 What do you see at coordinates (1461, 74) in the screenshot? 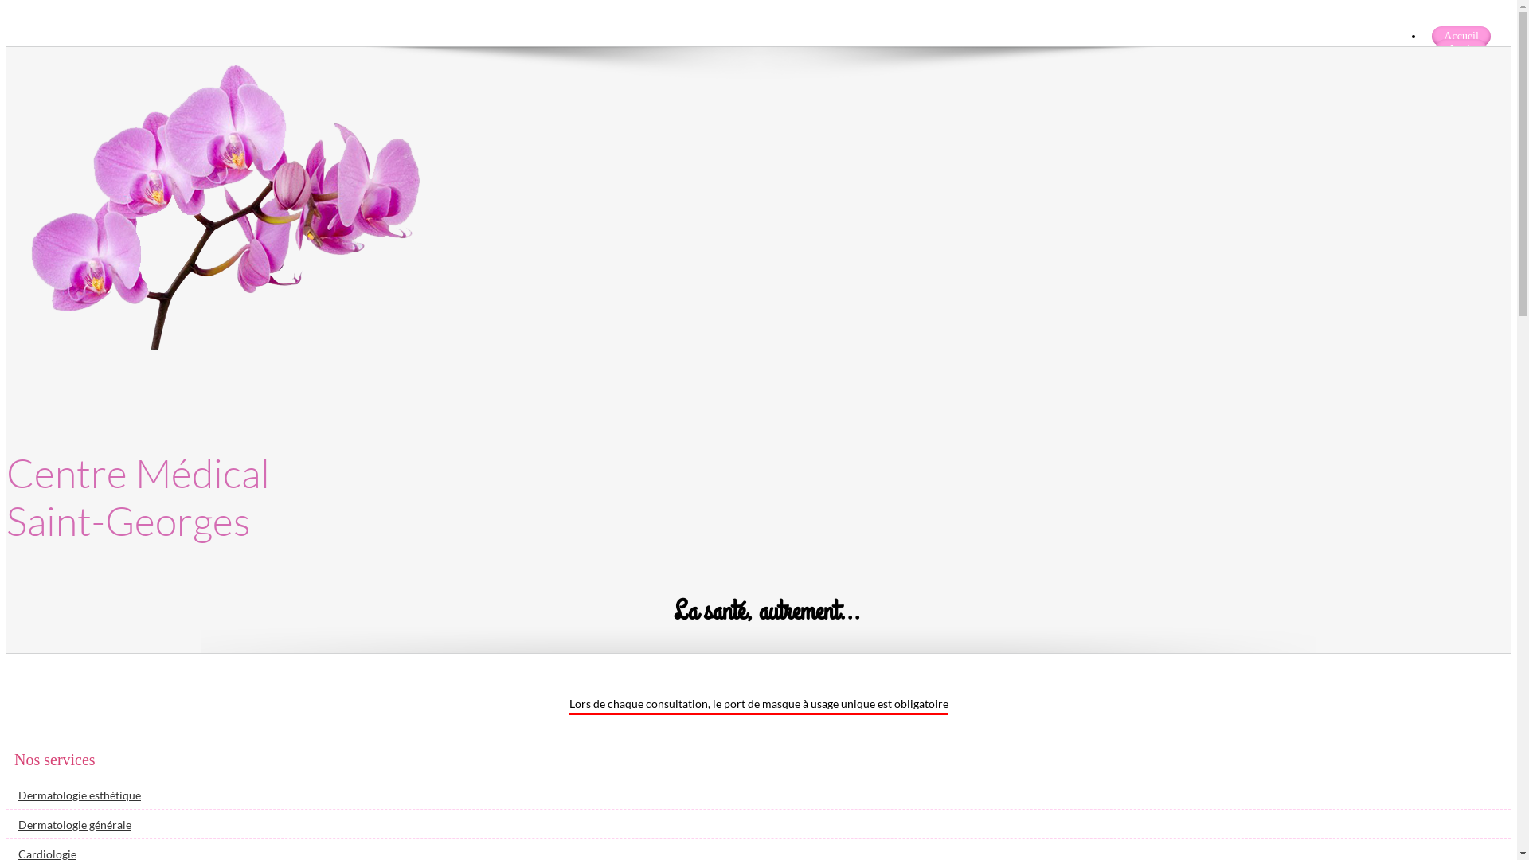
I see `'Documents'` at bounding box center [1461, 74].